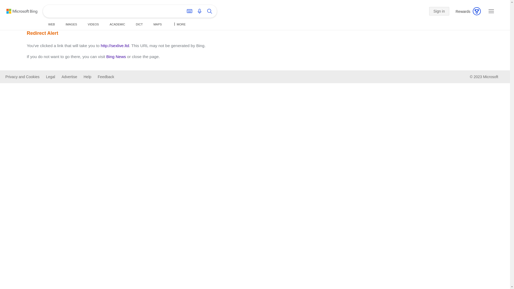 The width and height of the screenshot is (514, 289). I want to click on 'WEB', so click(51, 24).